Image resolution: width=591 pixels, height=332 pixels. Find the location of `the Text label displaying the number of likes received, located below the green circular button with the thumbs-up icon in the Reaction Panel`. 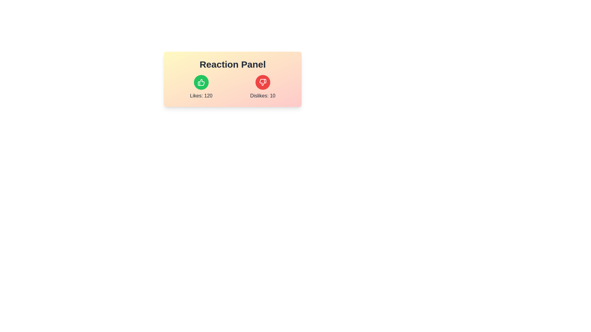

the Text label displaying the number of likes received, located below the green circular button with the thumbs-up icon in the Reaction Panel is located at coordinates (201, 96).